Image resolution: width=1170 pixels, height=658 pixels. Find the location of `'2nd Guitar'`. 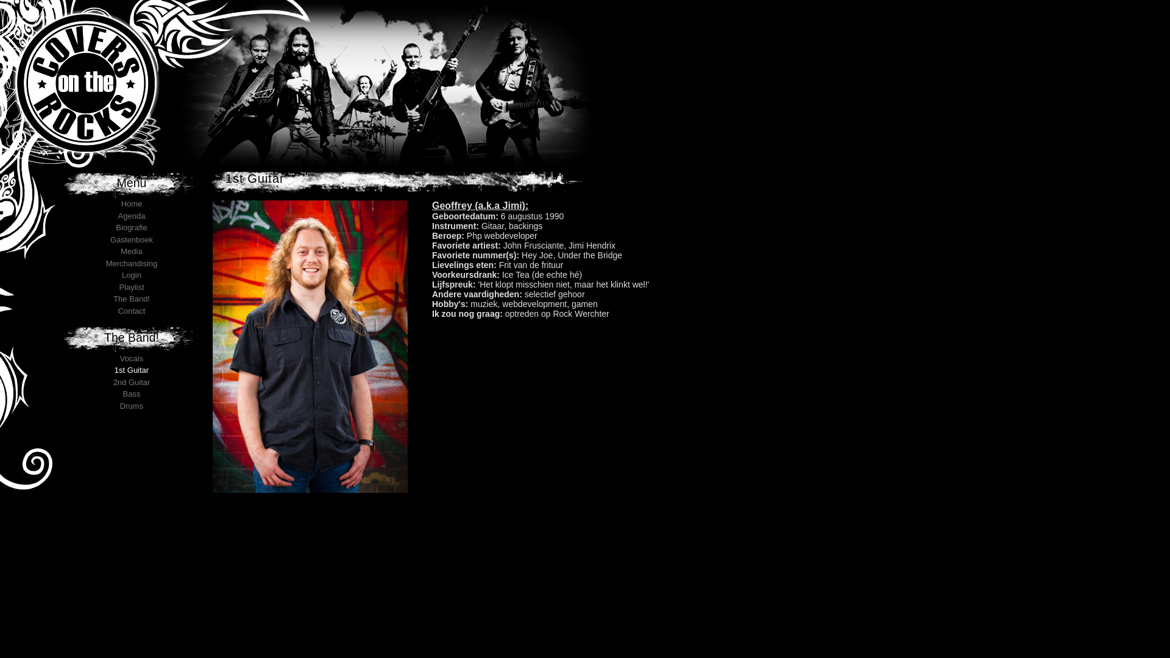

'2nd Guitar' is located at coordinates (113, 381).